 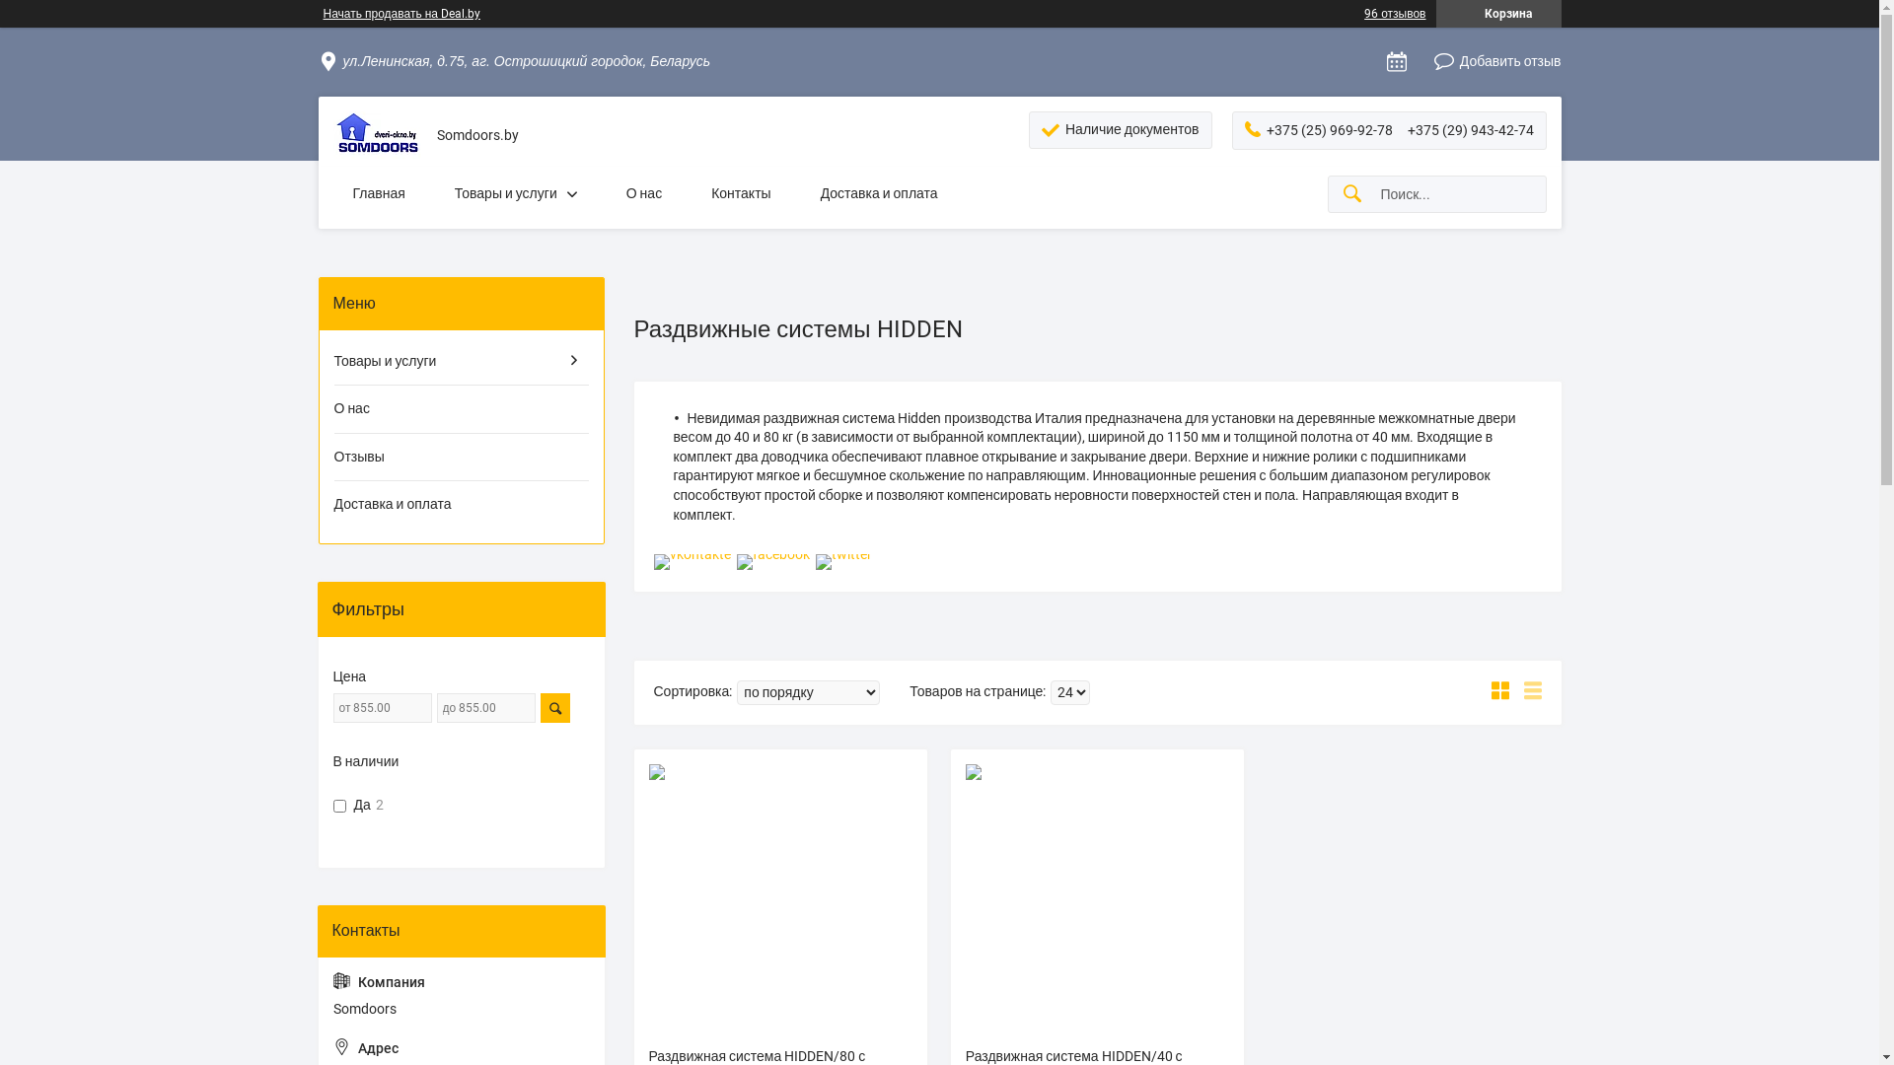 I want to click on 'Somdoors', so click(x=378, y=134).